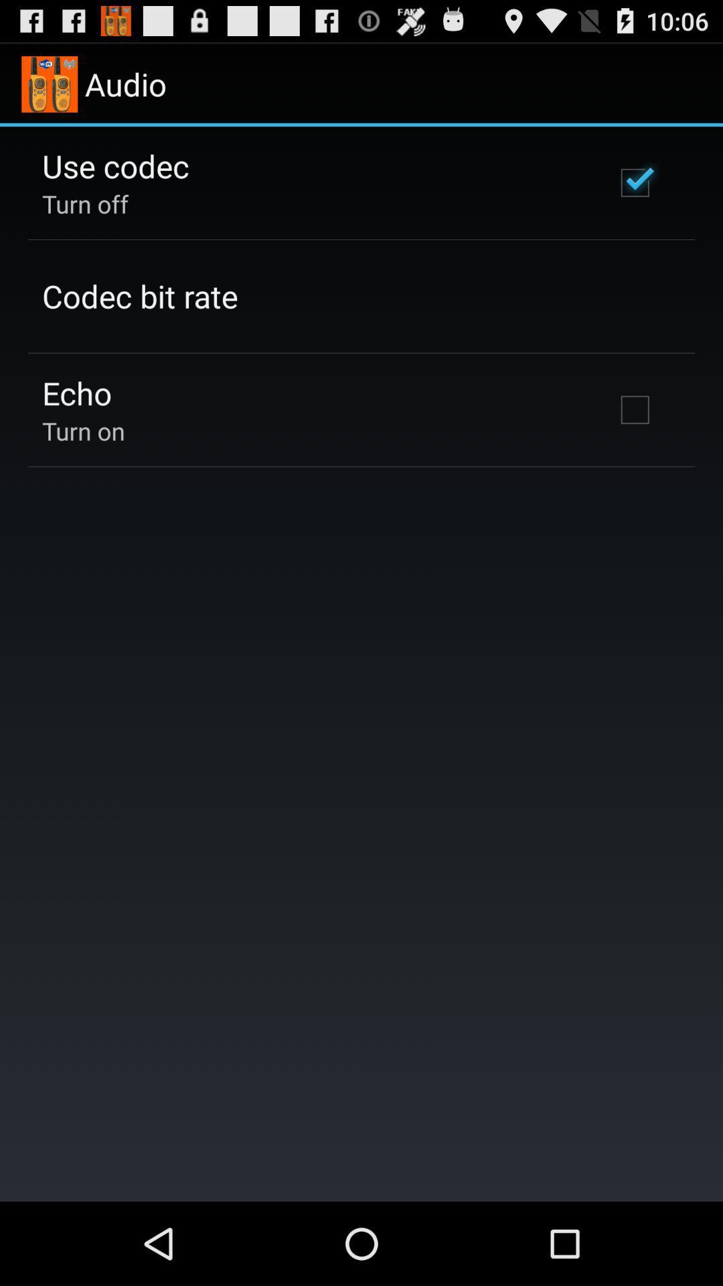  Describe the element at coordinates (85, 203) in the screenshot. I see `app above the codec bit rate` at that location.